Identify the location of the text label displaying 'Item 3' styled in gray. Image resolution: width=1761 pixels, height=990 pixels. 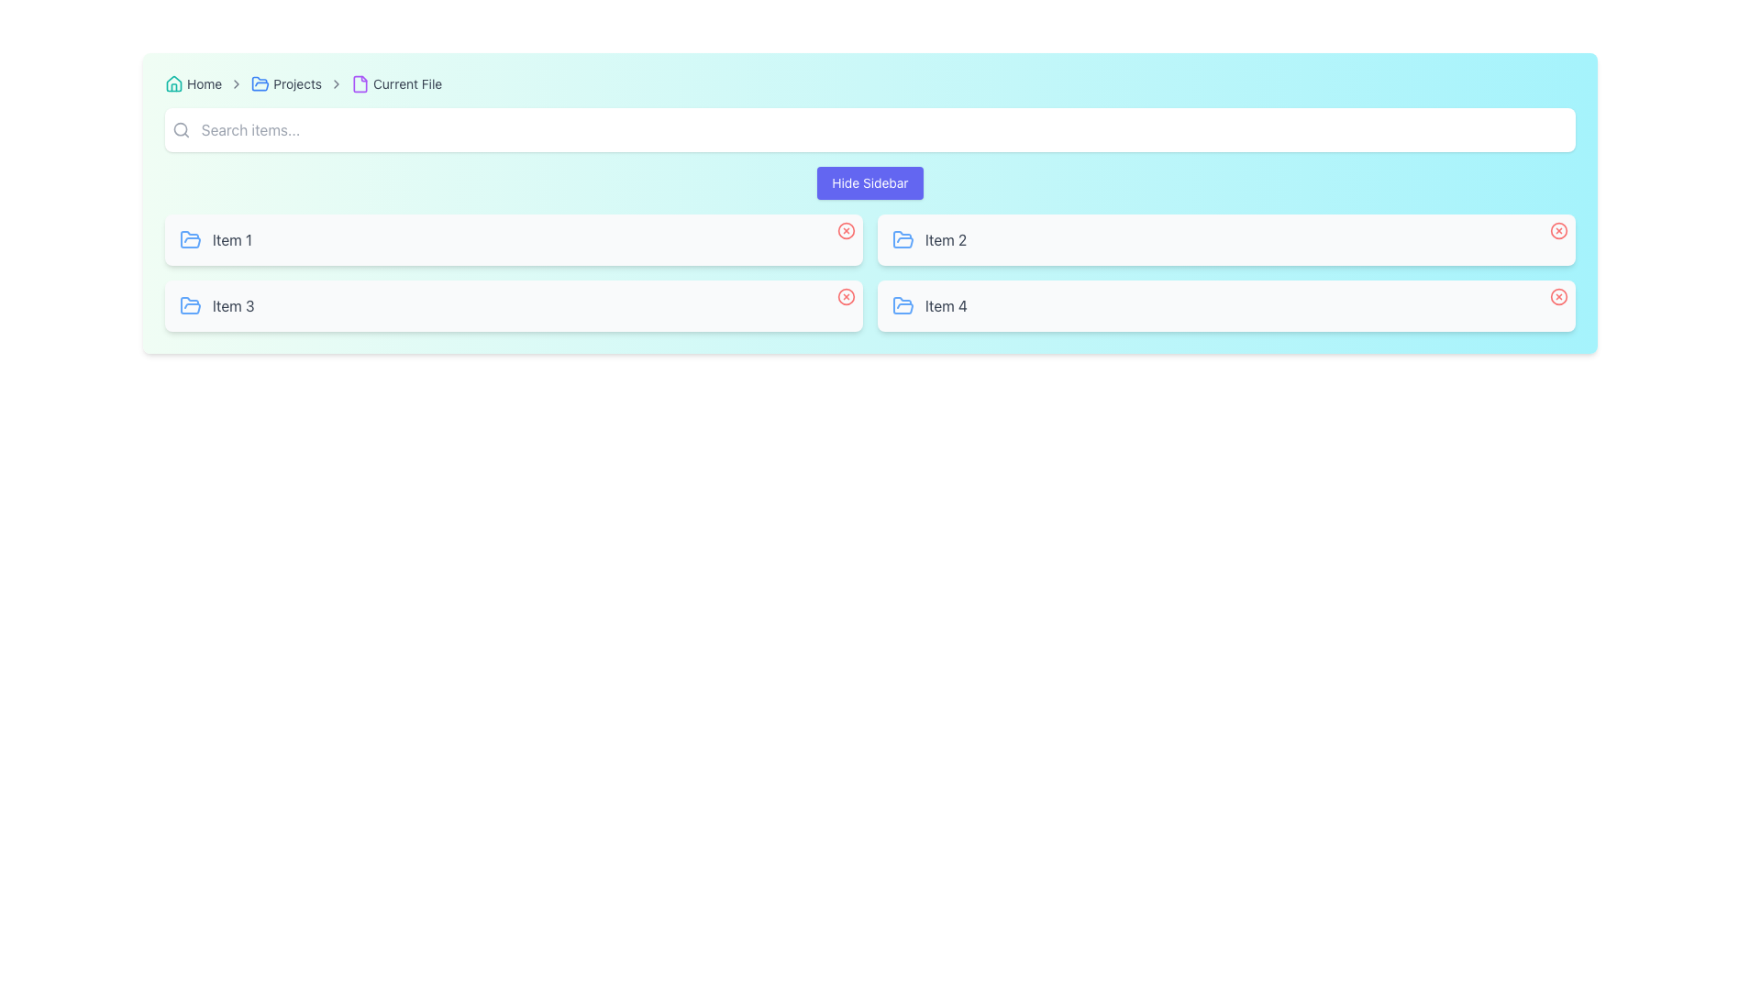
(232, 305).